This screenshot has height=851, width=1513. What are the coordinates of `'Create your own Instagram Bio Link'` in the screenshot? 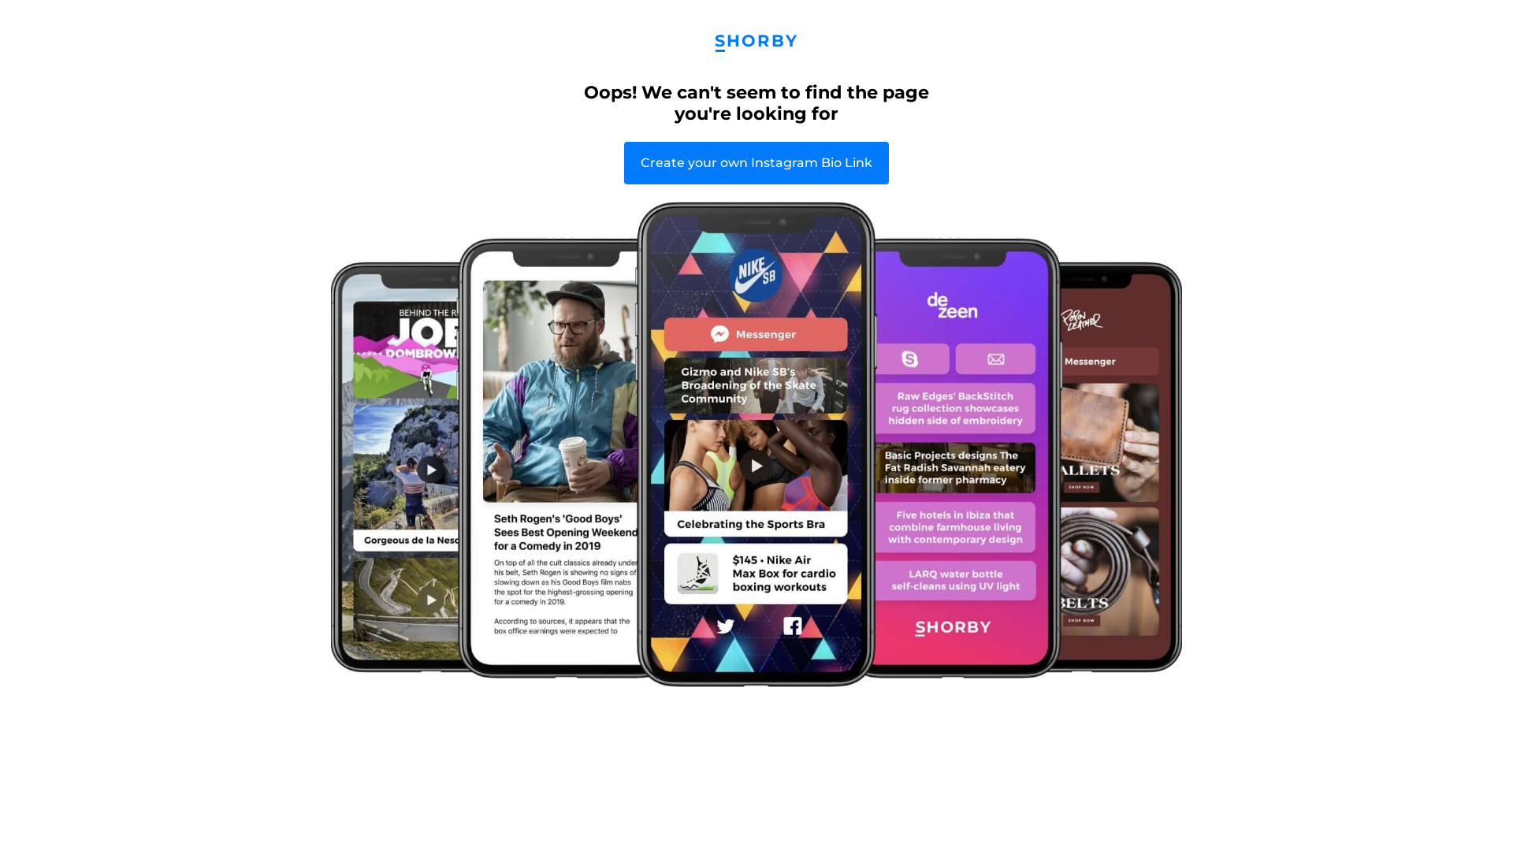 It's located at (756, 163).